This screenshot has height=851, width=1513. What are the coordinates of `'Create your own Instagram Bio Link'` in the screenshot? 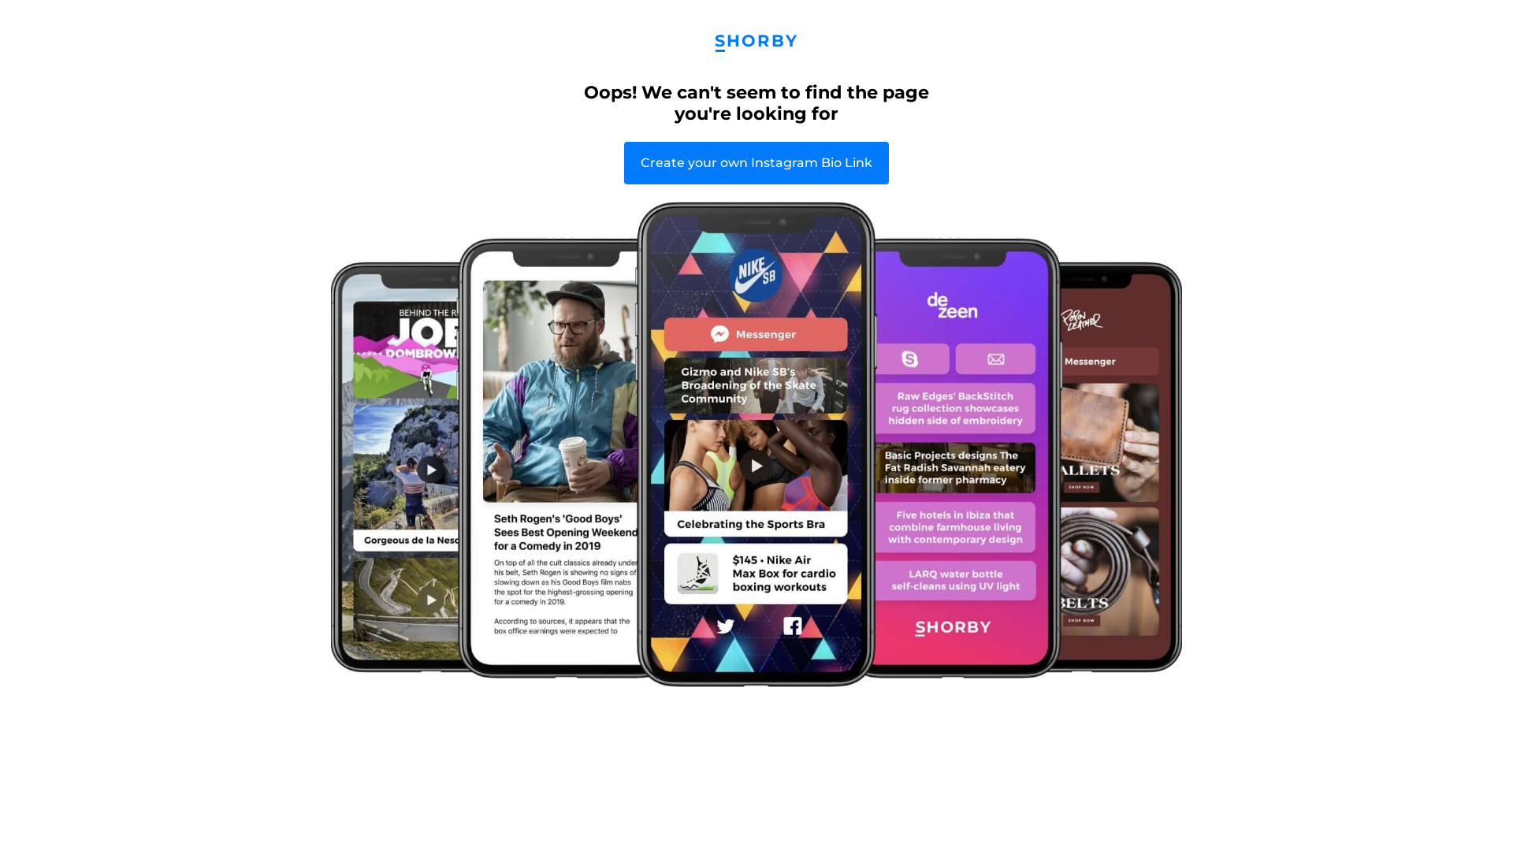 It's located at (756, 163).